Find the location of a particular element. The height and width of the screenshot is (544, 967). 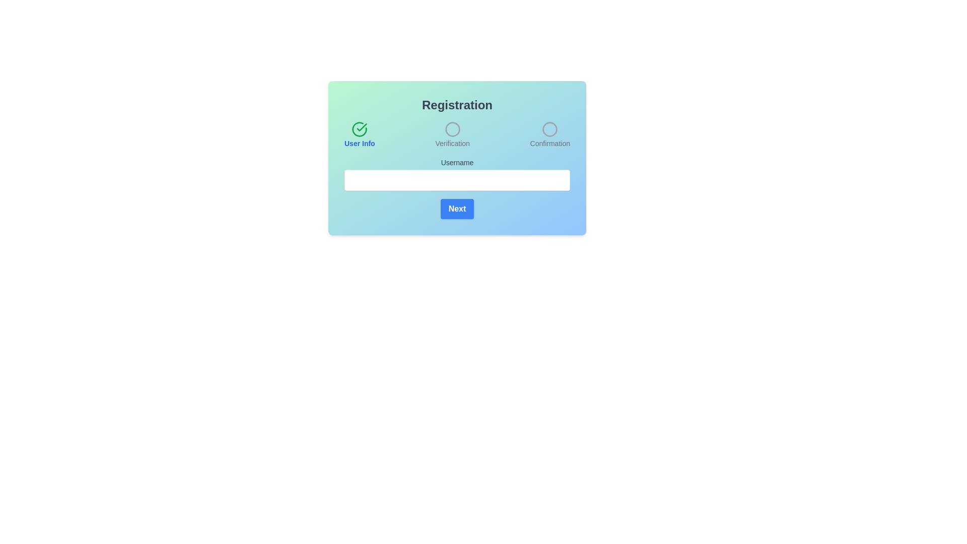

the 'Verification' step indicator, which is the second stage of the progress bar, featuring a gray circular icon and the label 'Verification' in gray text is located at coordinates (456, 135).